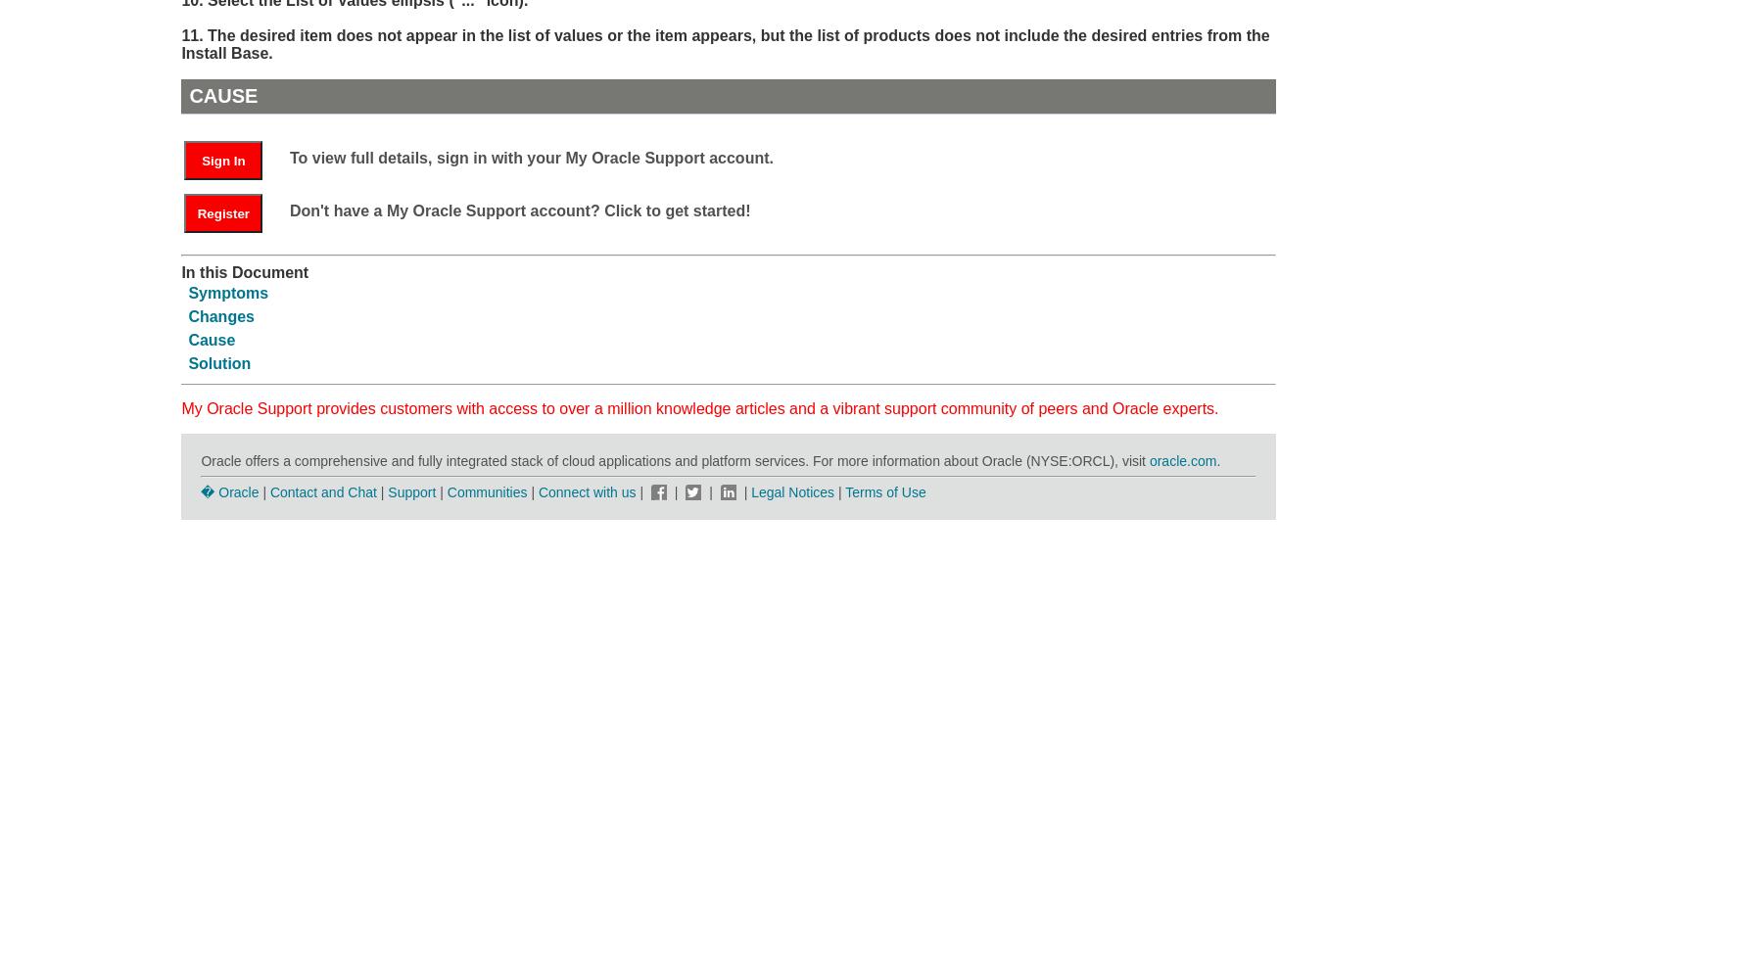  I want to click on 'To view full details, sign in with your My Oracle Support account.', so click(530, 157).